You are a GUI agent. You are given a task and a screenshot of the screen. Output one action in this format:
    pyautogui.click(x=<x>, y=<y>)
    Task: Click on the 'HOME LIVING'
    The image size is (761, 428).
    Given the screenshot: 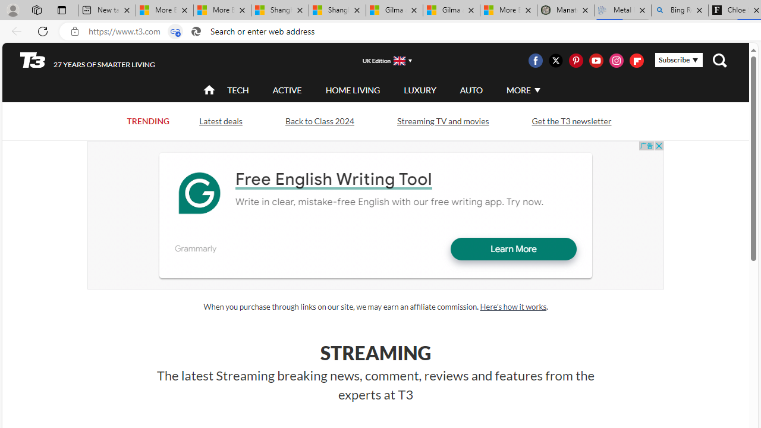 What is the action you would take?
    pyautogui.click(x=352, y=89)
    